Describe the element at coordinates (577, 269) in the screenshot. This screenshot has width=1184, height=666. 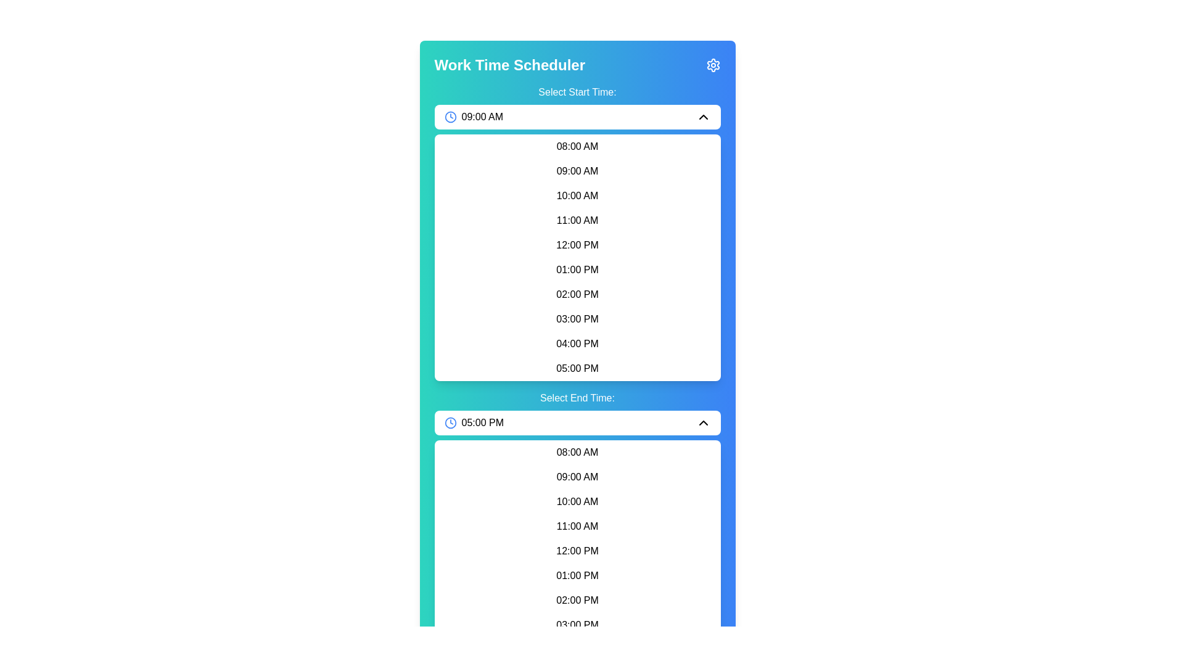
I see `the static text element displaying '01:00 PM' which is the sixth item in a vertically aligned list of time options in the 'Work Time Scheduler' interface` at that location.